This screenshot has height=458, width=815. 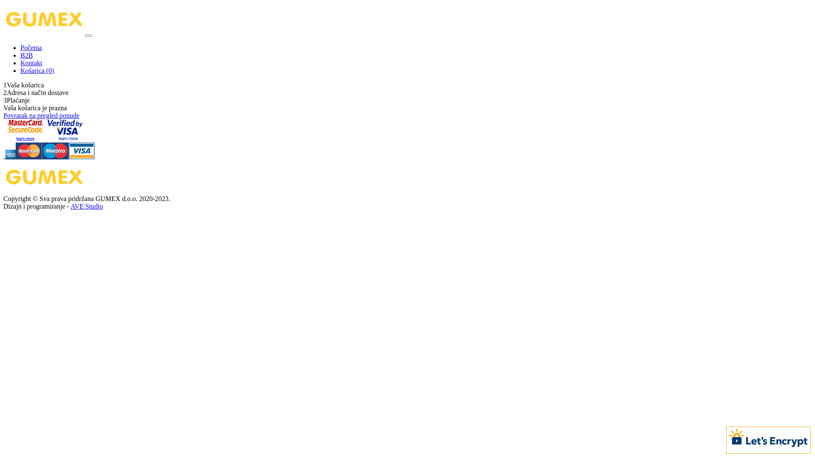 What do you see at coordinates (87, 206) in the screenshot?
I see `'AVE Studio'` at bounding box center [87, 206].